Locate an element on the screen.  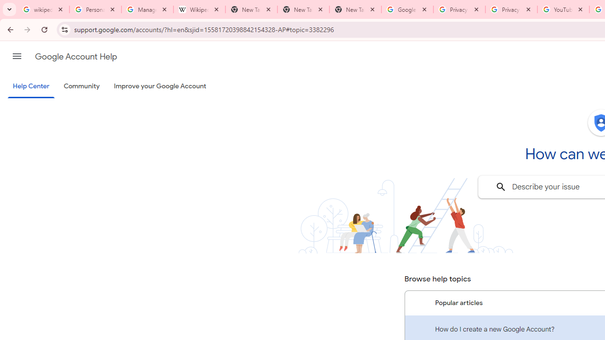
'New Tab' is located at coordinates (355, 9).